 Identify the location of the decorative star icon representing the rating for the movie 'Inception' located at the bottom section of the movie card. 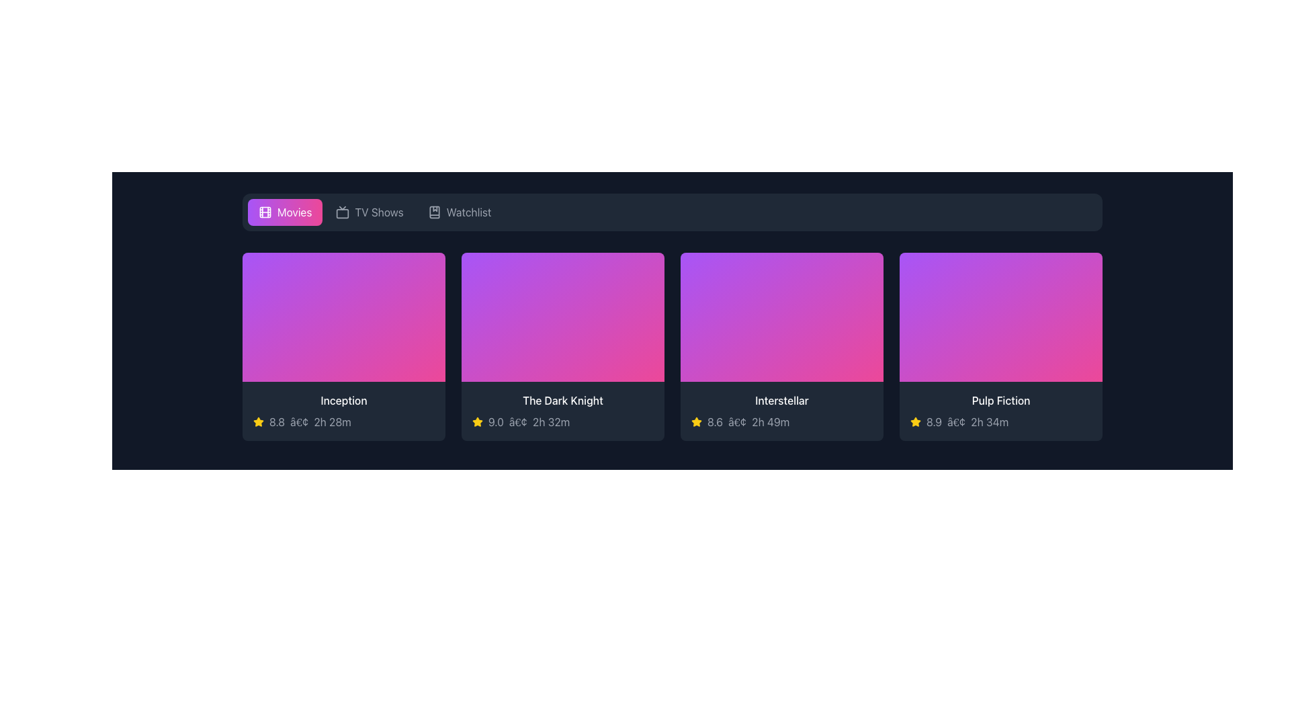
(258, 421).